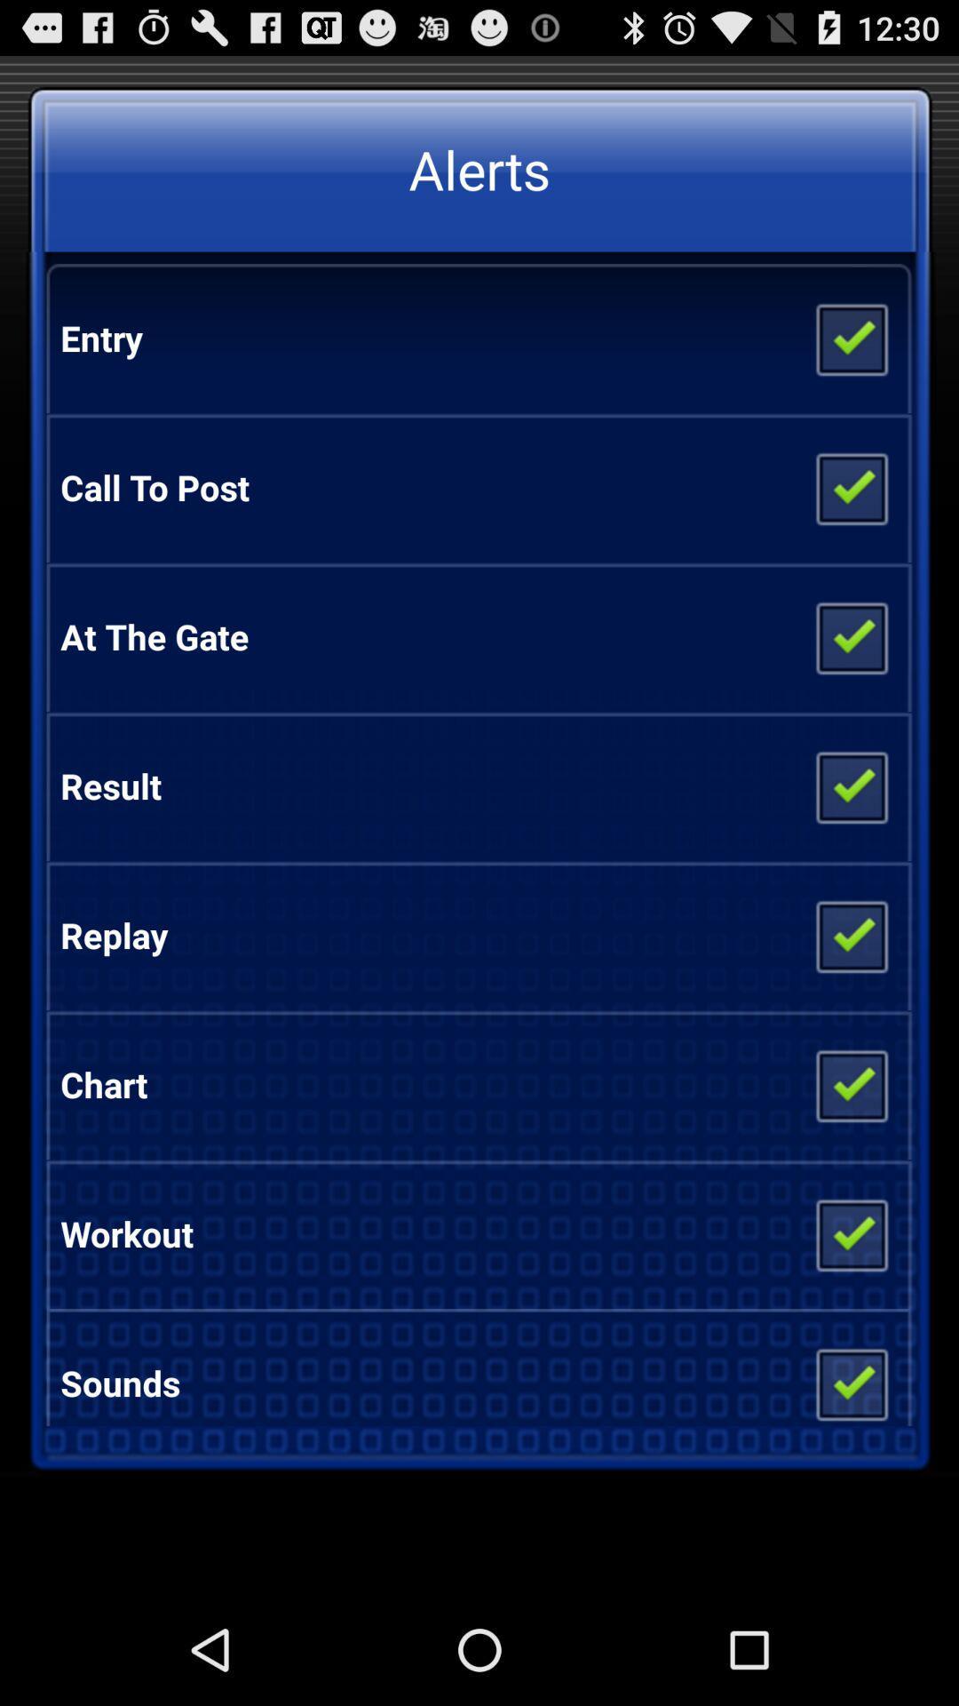  What do you see at coordinates (850, 1375) in the screenshot?
I see `sounds on or off` at bounding box center [850, 1375].